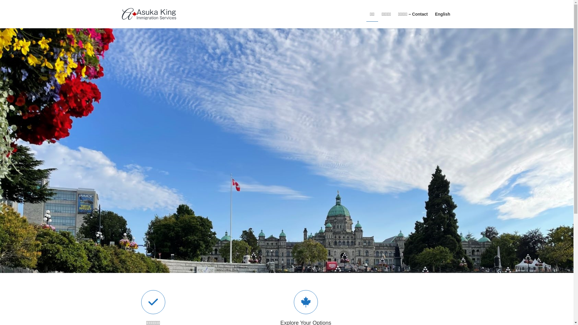  Describe the element at coordinates (443, 14) in the screenshot. I see `'English'` at that location.